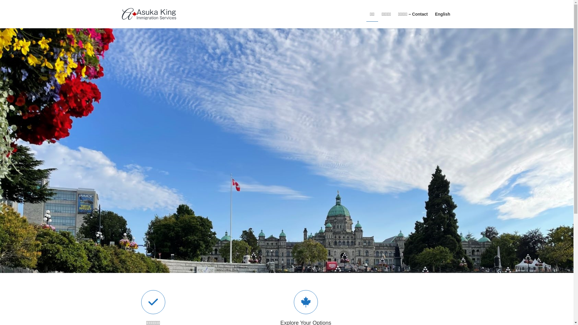  Describe the element at coordinates (443, 14) in the screenshot. I see `'English'` at that location.